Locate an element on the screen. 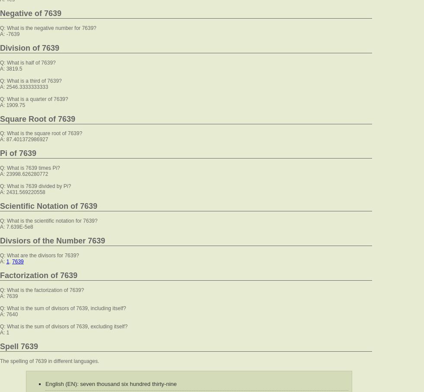  'Q: What is a third of 7639?' is located at coordinates (30, 80).